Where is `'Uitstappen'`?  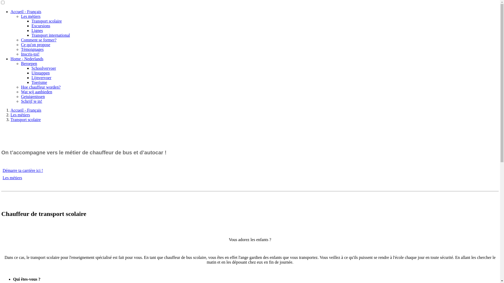 'Uitstappen' is located at coordinates (40, 73).